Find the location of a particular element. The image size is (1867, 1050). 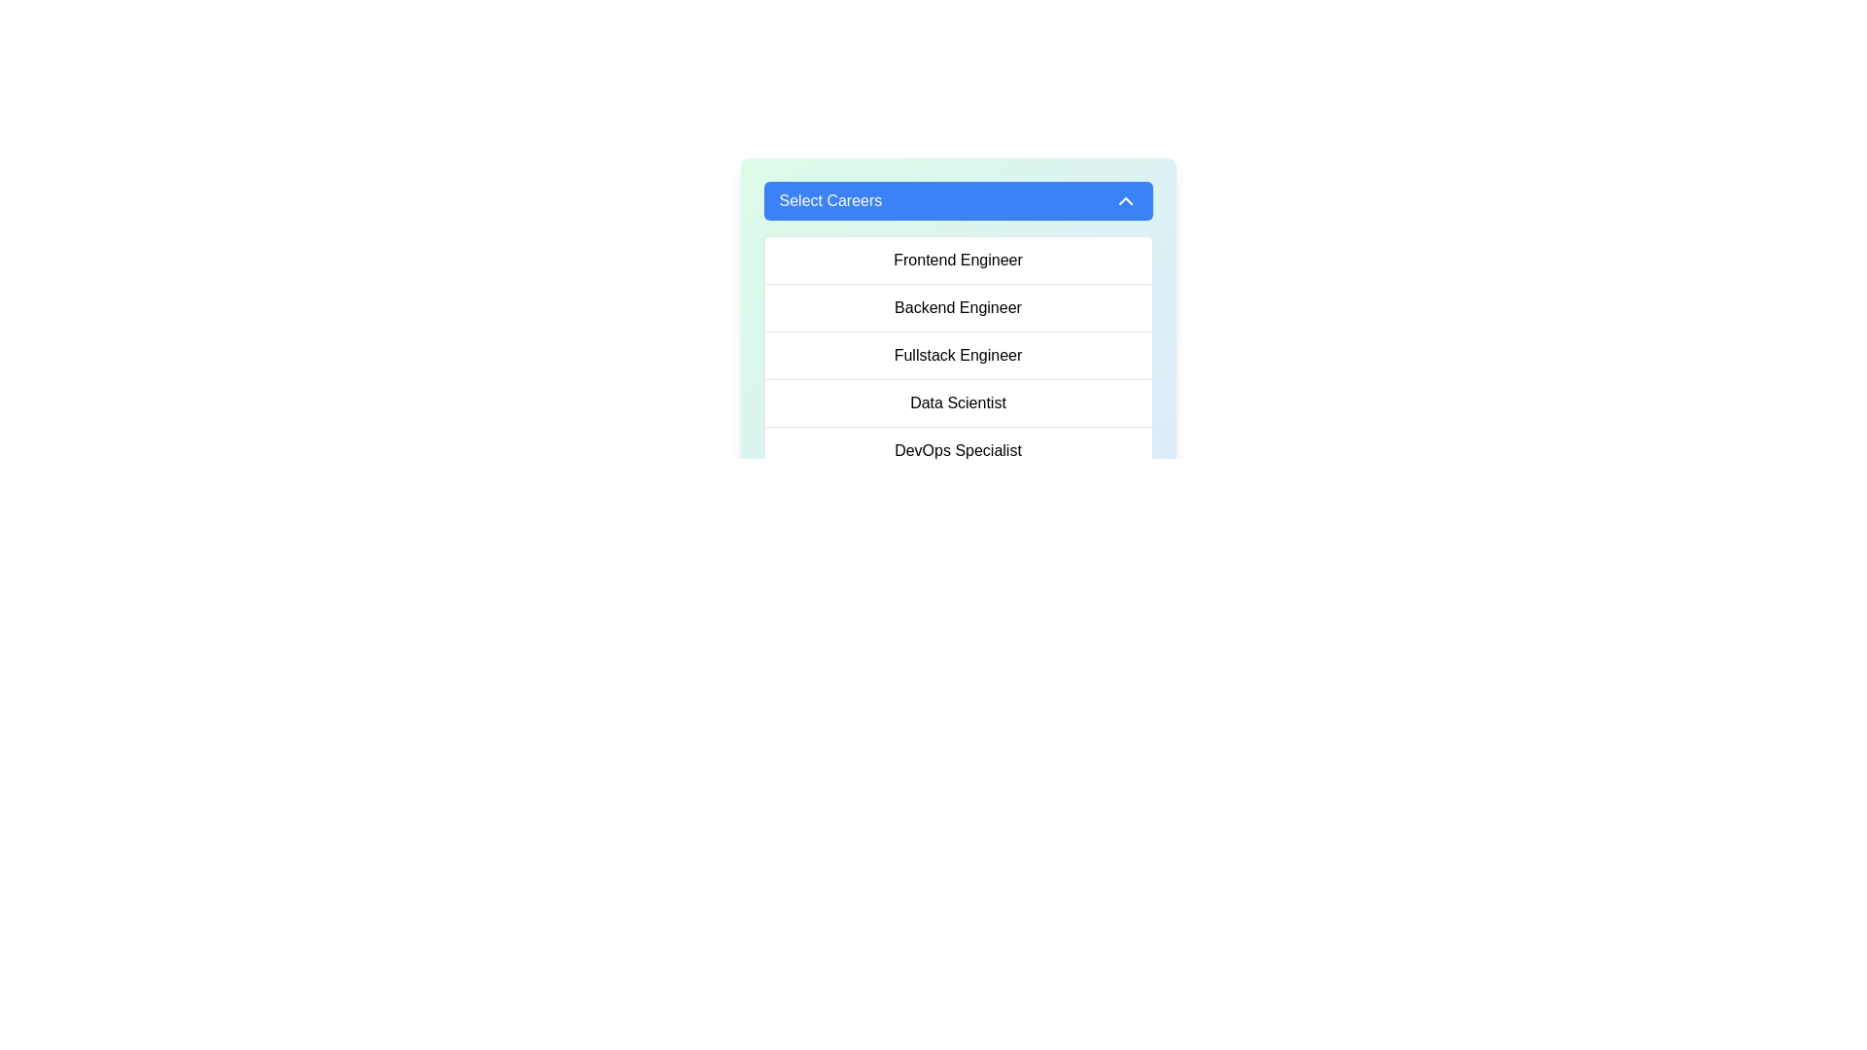

the text-based list item labeled 'Data Scientist' is located at coordinates (958, 402).